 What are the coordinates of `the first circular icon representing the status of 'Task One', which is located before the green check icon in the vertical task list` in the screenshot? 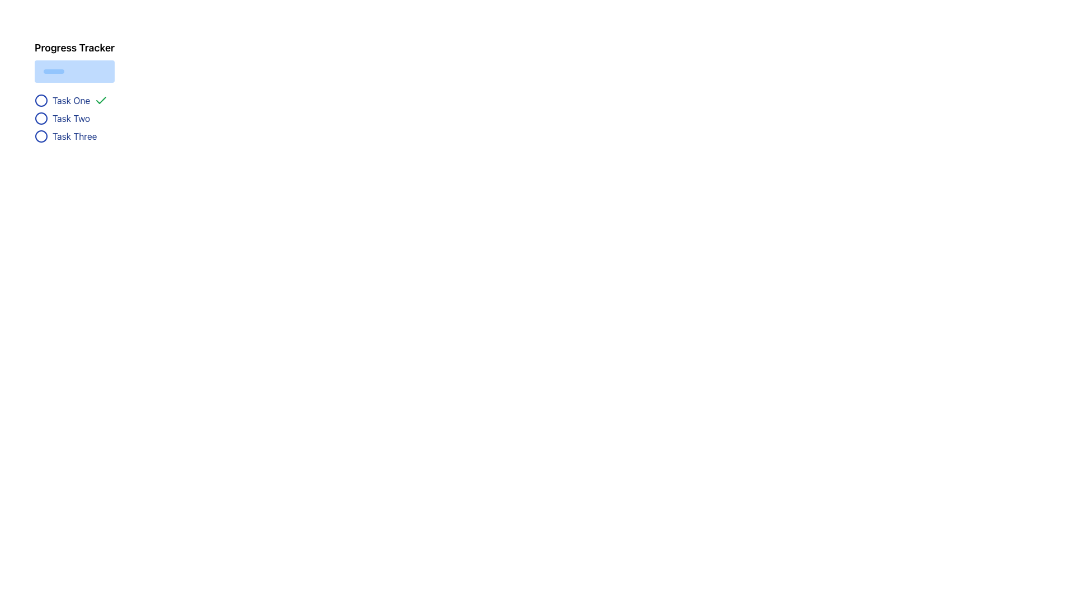 It's located at (41, 101).